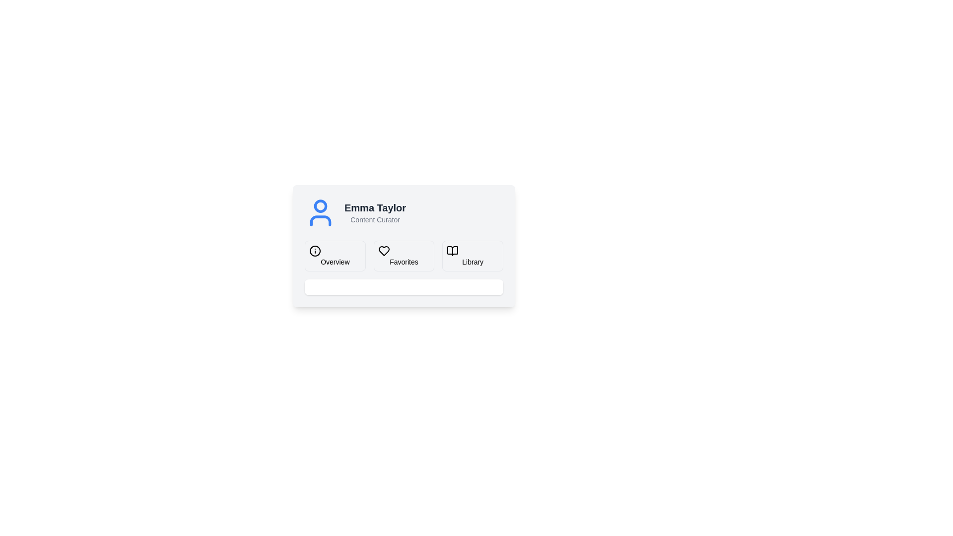 This screenshot has width=953, height=536. Describe the element at coordinates (314, 250) in the screenshot. I see `the circular 'info' icon located to the left of the text 'Overview' in the Overview section of the user profile card` at that location.